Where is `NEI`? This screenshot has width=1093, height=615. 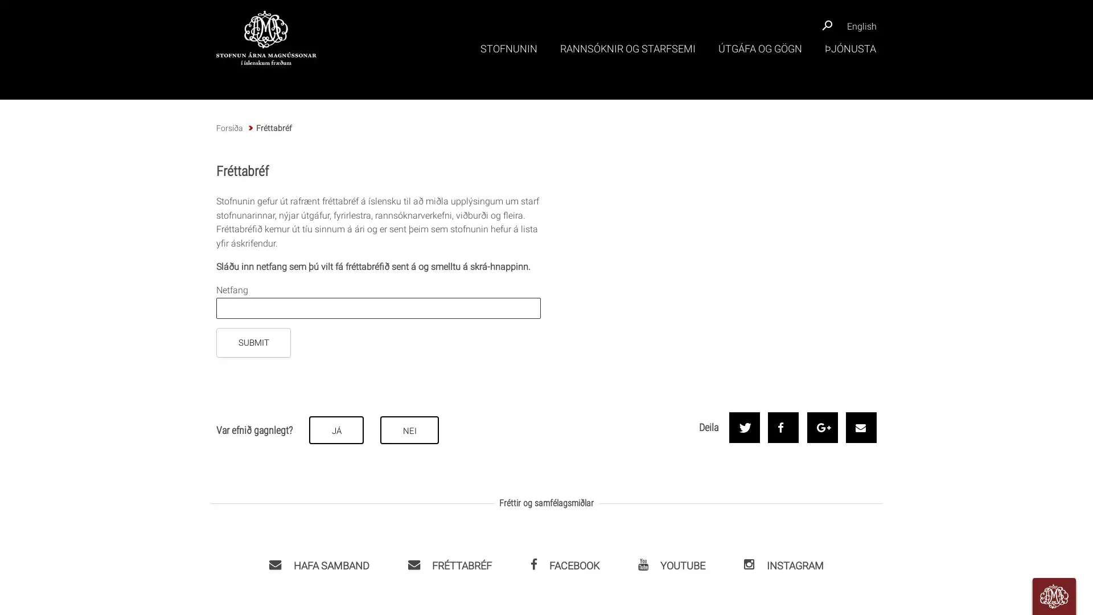
NEI is located at coordinates (409, 430).